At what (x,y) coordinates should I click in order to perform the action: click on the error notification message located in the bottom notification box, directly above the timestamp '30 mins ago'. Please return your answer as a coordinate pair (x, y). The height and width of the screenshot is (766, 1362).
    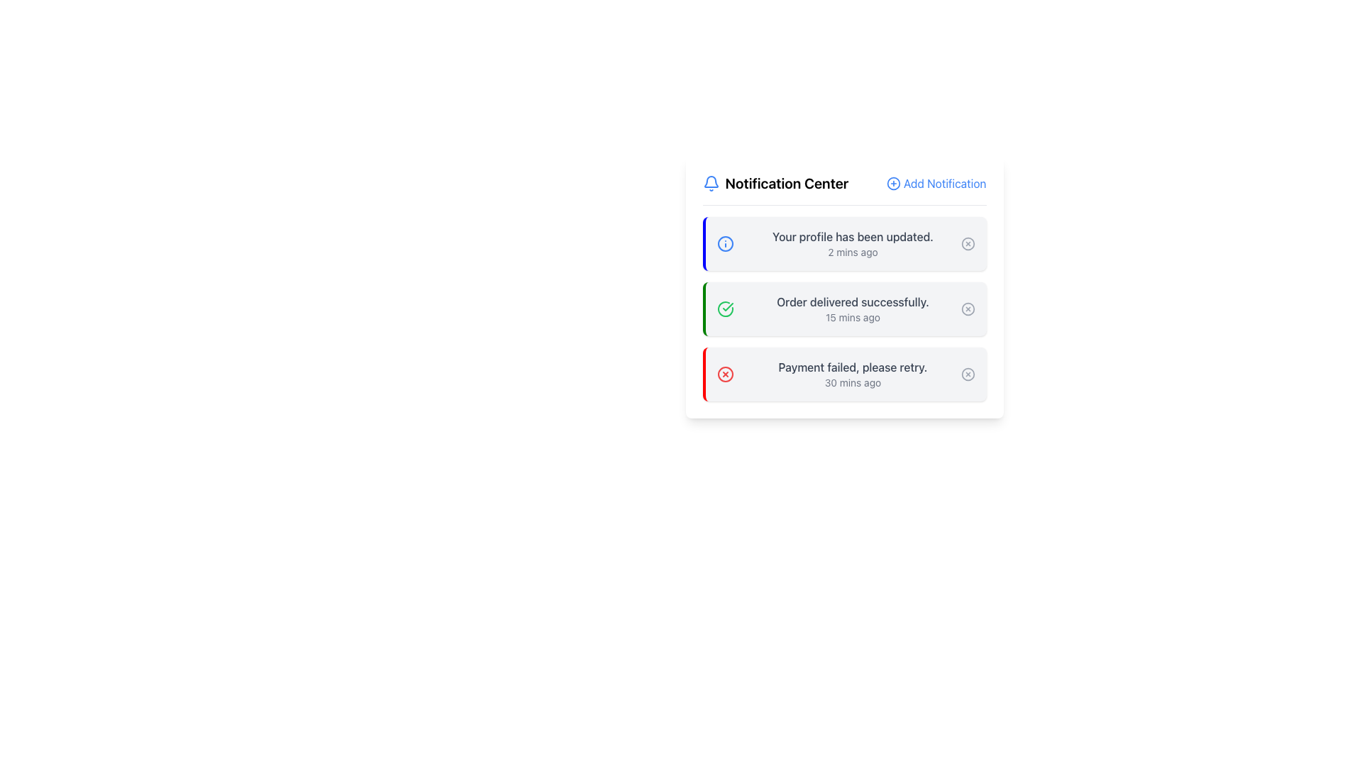
    Looking at the image, I should click on (852, 366).